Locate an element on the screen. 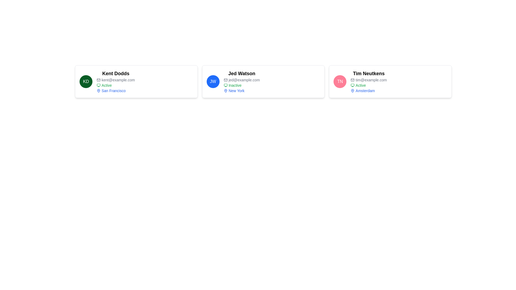 The height and width of the screenshot is (290, 516). name 'Jed Watson' displayed in bold black font at the top of the second profile card is located at coordinates (241, 73).